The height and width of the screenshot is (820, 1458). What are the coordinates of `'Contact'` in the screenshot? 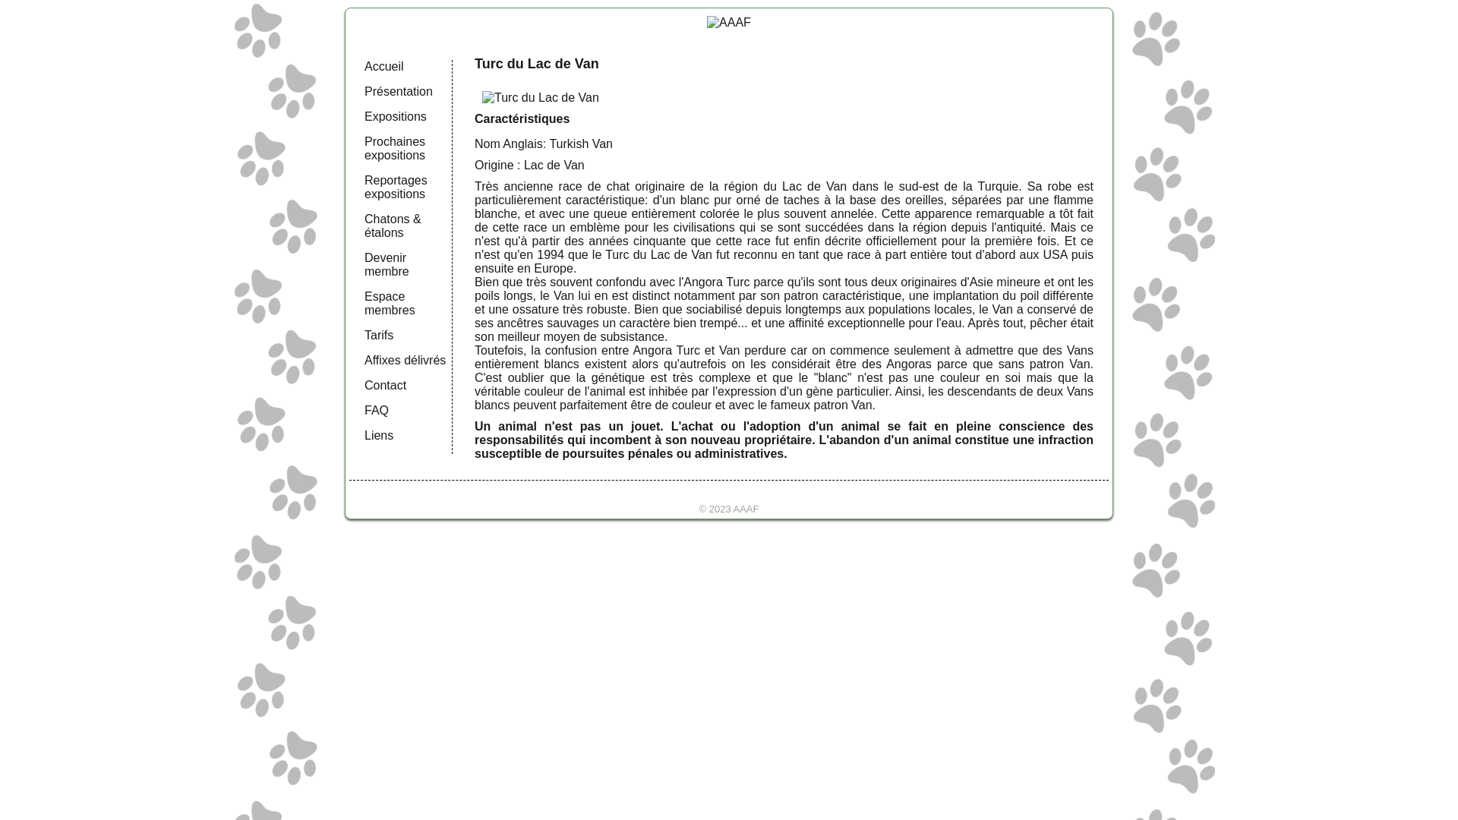 It's located at (364, 384).